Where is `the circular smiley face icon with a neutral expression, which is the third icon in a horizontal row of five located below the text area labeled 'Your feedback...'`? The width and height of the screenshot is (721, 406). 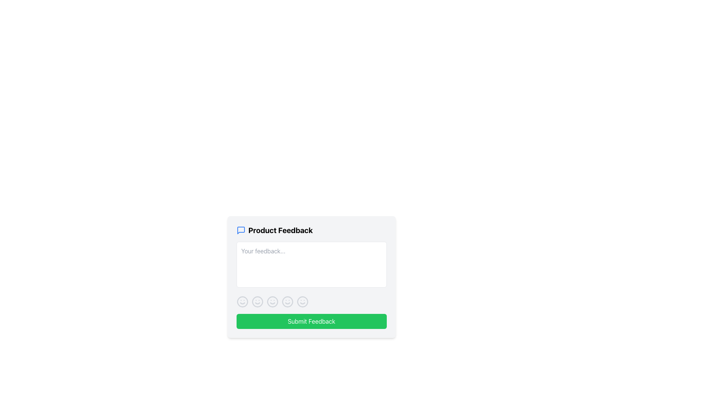 the circular smiley face icon with a neutral expression, which is the third icon in a horizontal row of five located below the text area labeled 'Your feedback...' is located at coordinates (272, 301).